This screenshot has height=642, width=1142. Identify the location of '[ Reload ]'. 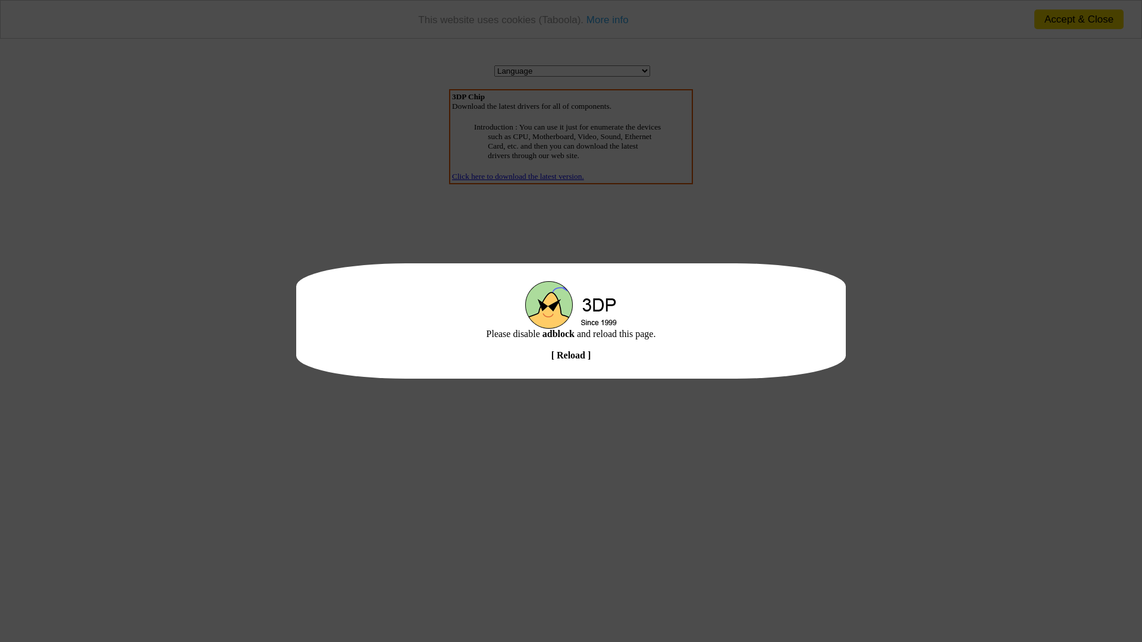
(571, 354).